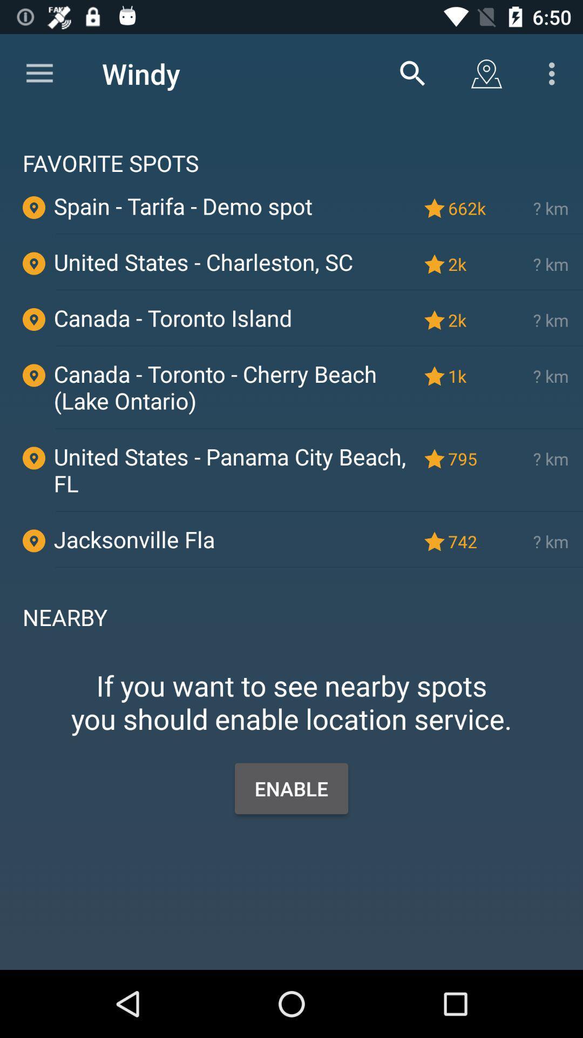 The width and height of the screenshot is (583, 1038). What do you see at coordinates (291, 145) in the screenshot?
I see `favorite spots` at bounding box center [291, 145].